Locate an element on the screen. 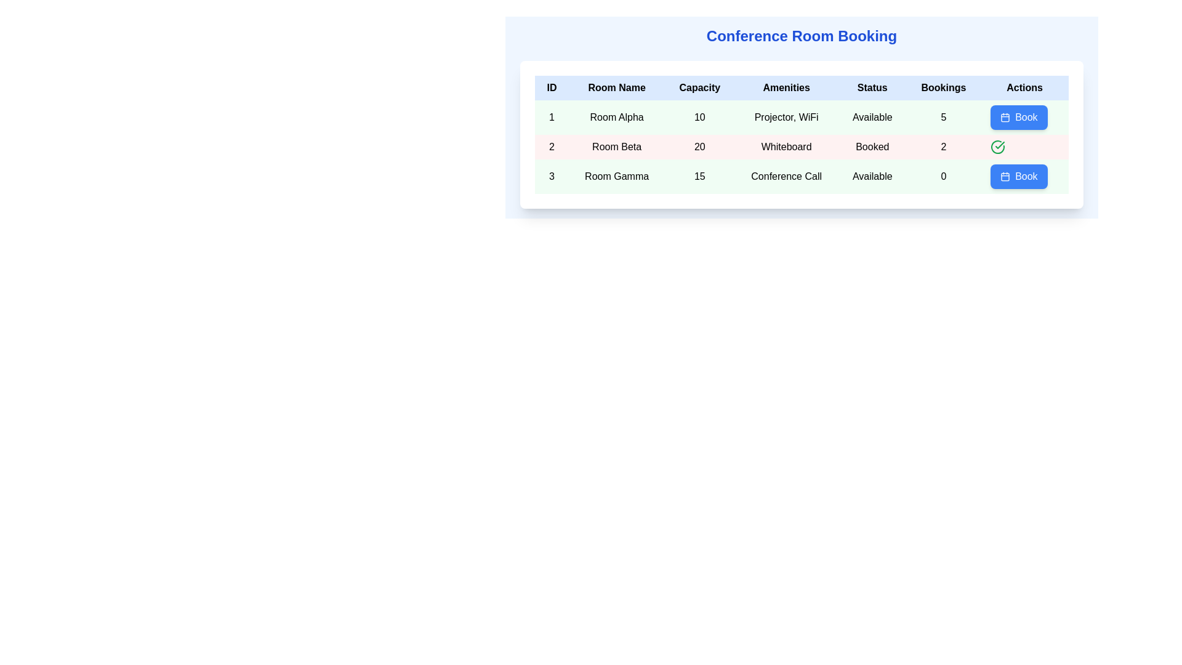  the circular icon with a green outline and a checkmark, located in the 'Actions' column of the second row in the booking table, aligned with 'Room Beta' is located at coordinates (998, 147).